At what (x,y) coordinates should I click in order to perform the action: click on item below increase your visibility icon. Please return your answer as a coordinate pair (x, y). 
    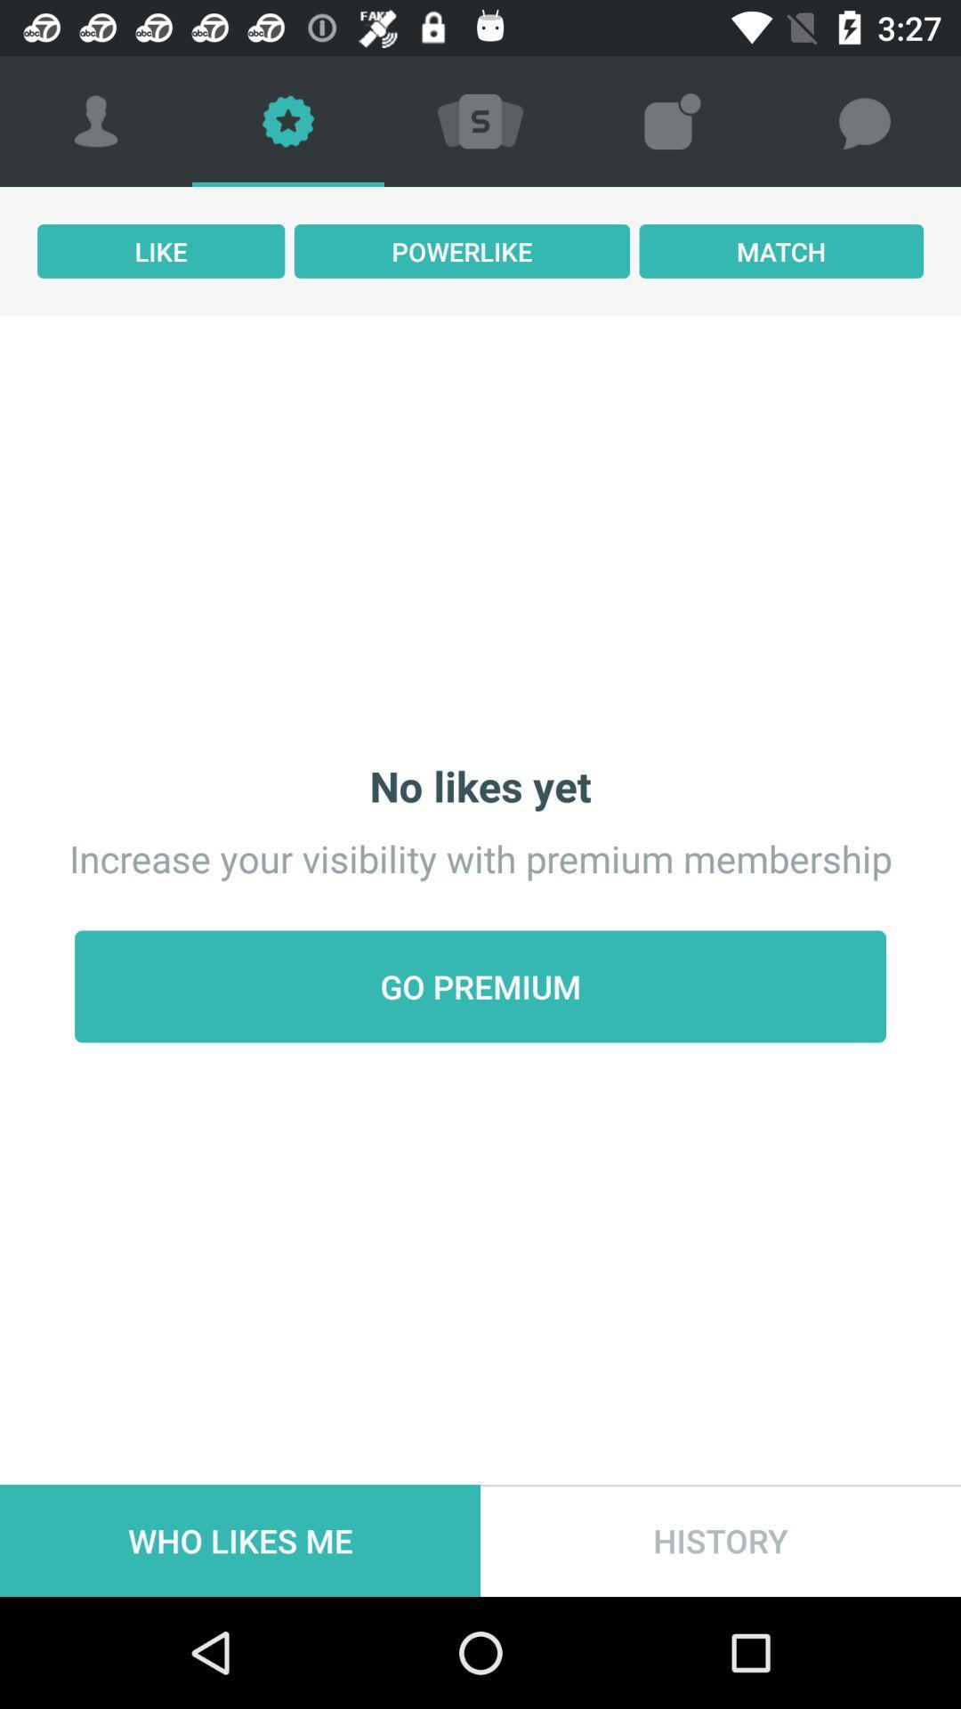
    Looking at the image, I should click on (480, 985).